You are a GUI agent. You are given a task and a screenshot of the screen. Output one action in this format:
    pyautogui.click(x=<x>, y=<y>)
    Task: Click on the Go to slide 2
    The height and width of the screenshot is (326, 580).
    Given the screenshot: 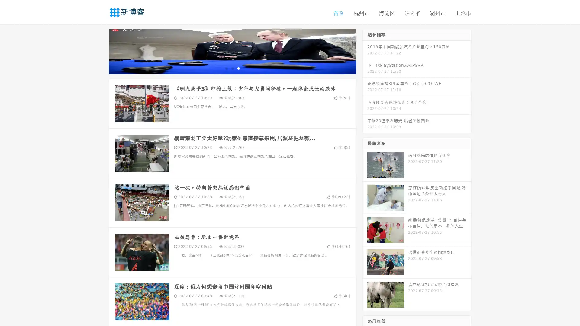 What is the action you would take?
    pyautogui.click(x=232, y=68)
    